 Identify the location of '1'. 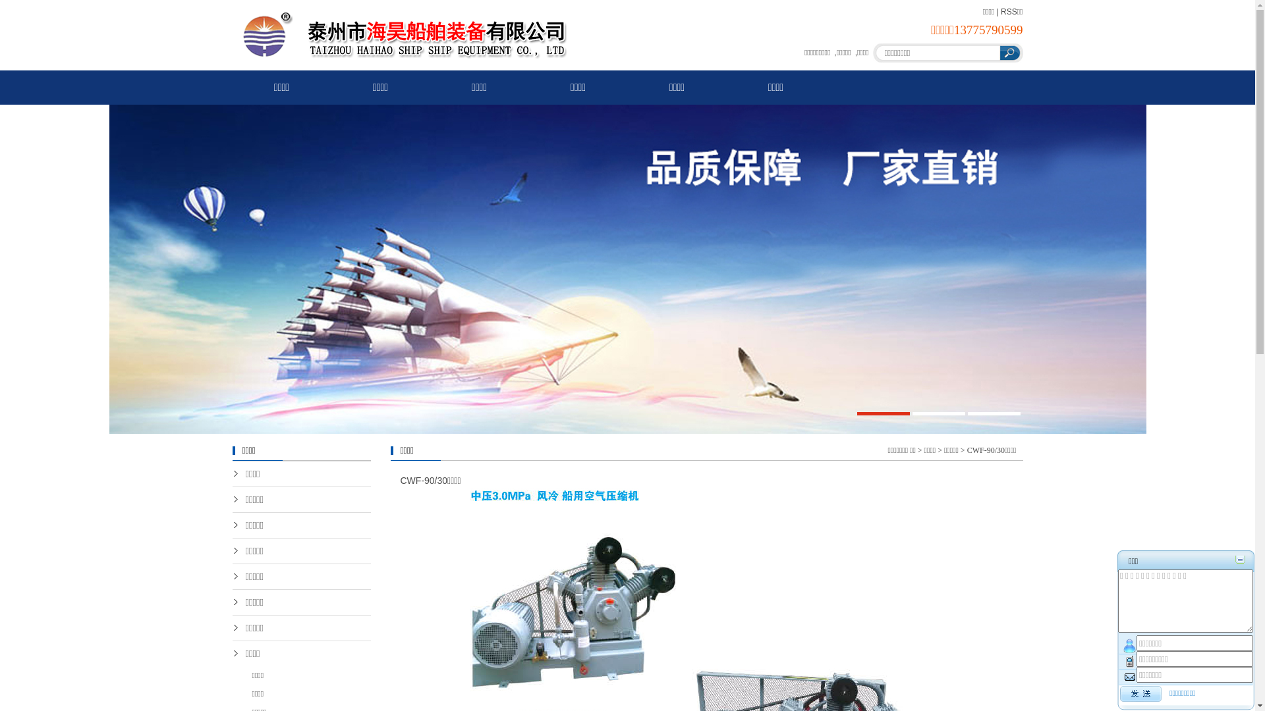
(882, 413).